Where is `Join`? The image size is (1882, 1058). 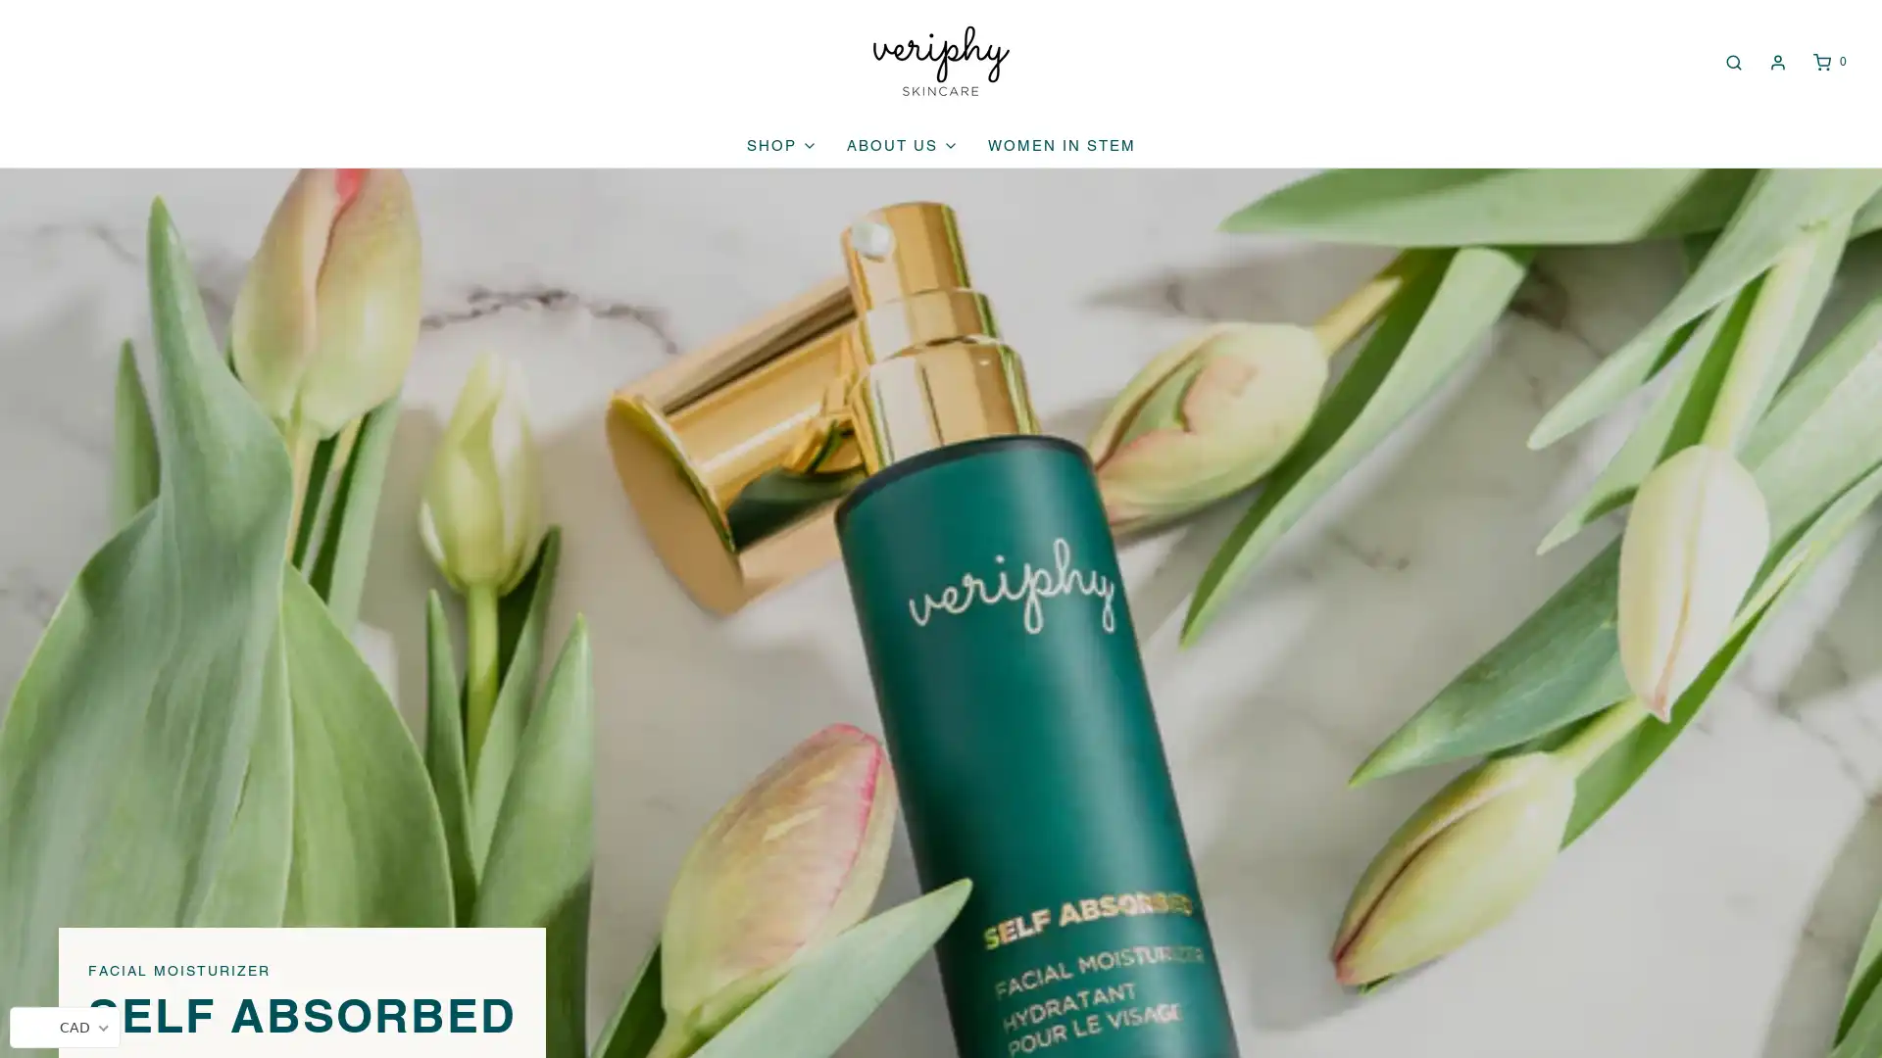 Join is located at coordinates (1517, 912).